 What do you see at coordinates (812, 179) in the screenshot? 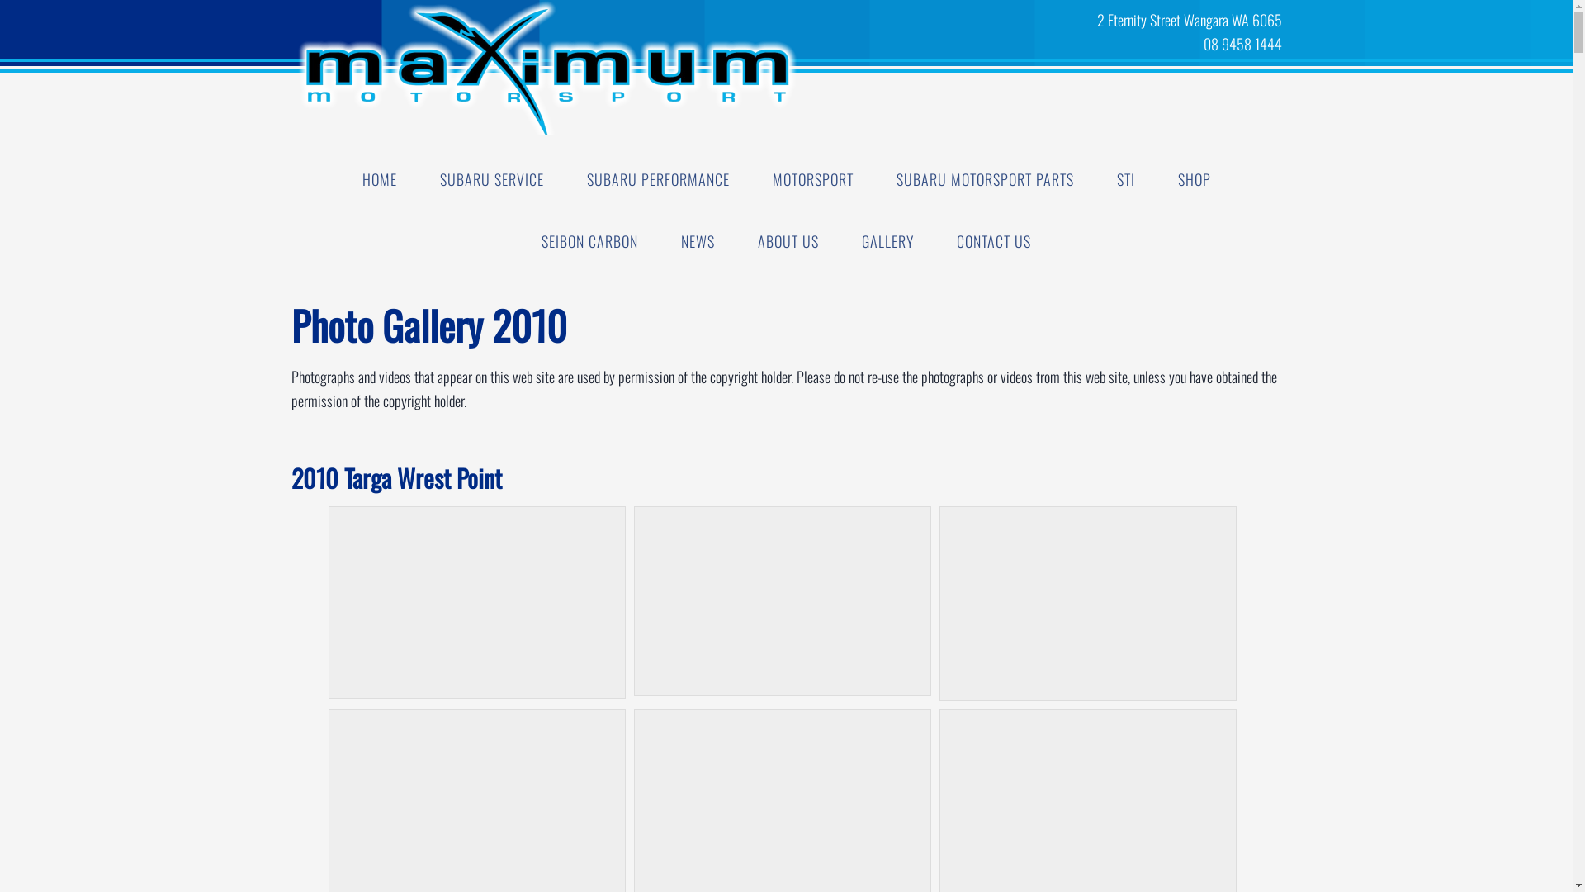
I see `'MOTORSPORT'` at bounding box center [812, 179].